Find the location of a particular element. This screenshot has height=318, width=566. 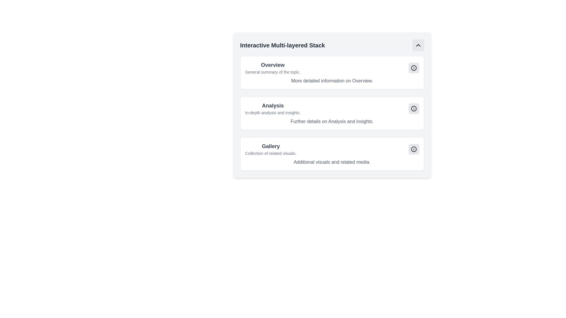

the informational icon button located to the right of the 'Overview' section title is located at coordinates (413, 68).